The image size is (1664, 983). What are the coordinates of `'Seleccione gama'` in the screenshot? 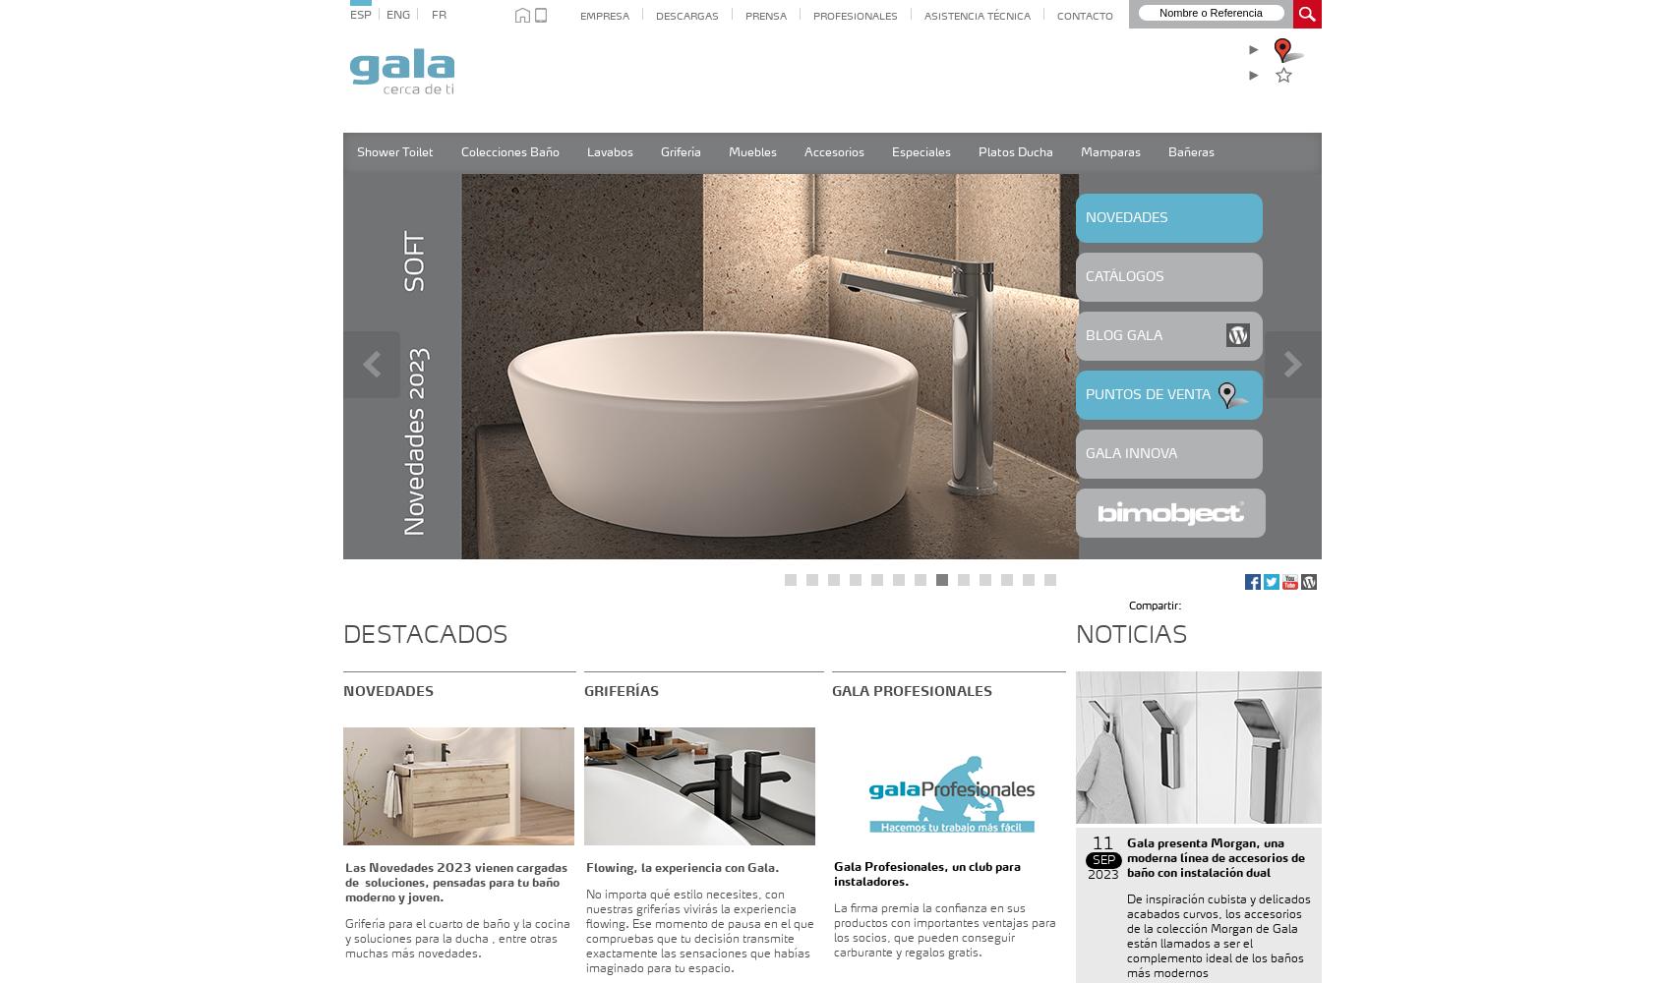 It's located at (1189, 171).